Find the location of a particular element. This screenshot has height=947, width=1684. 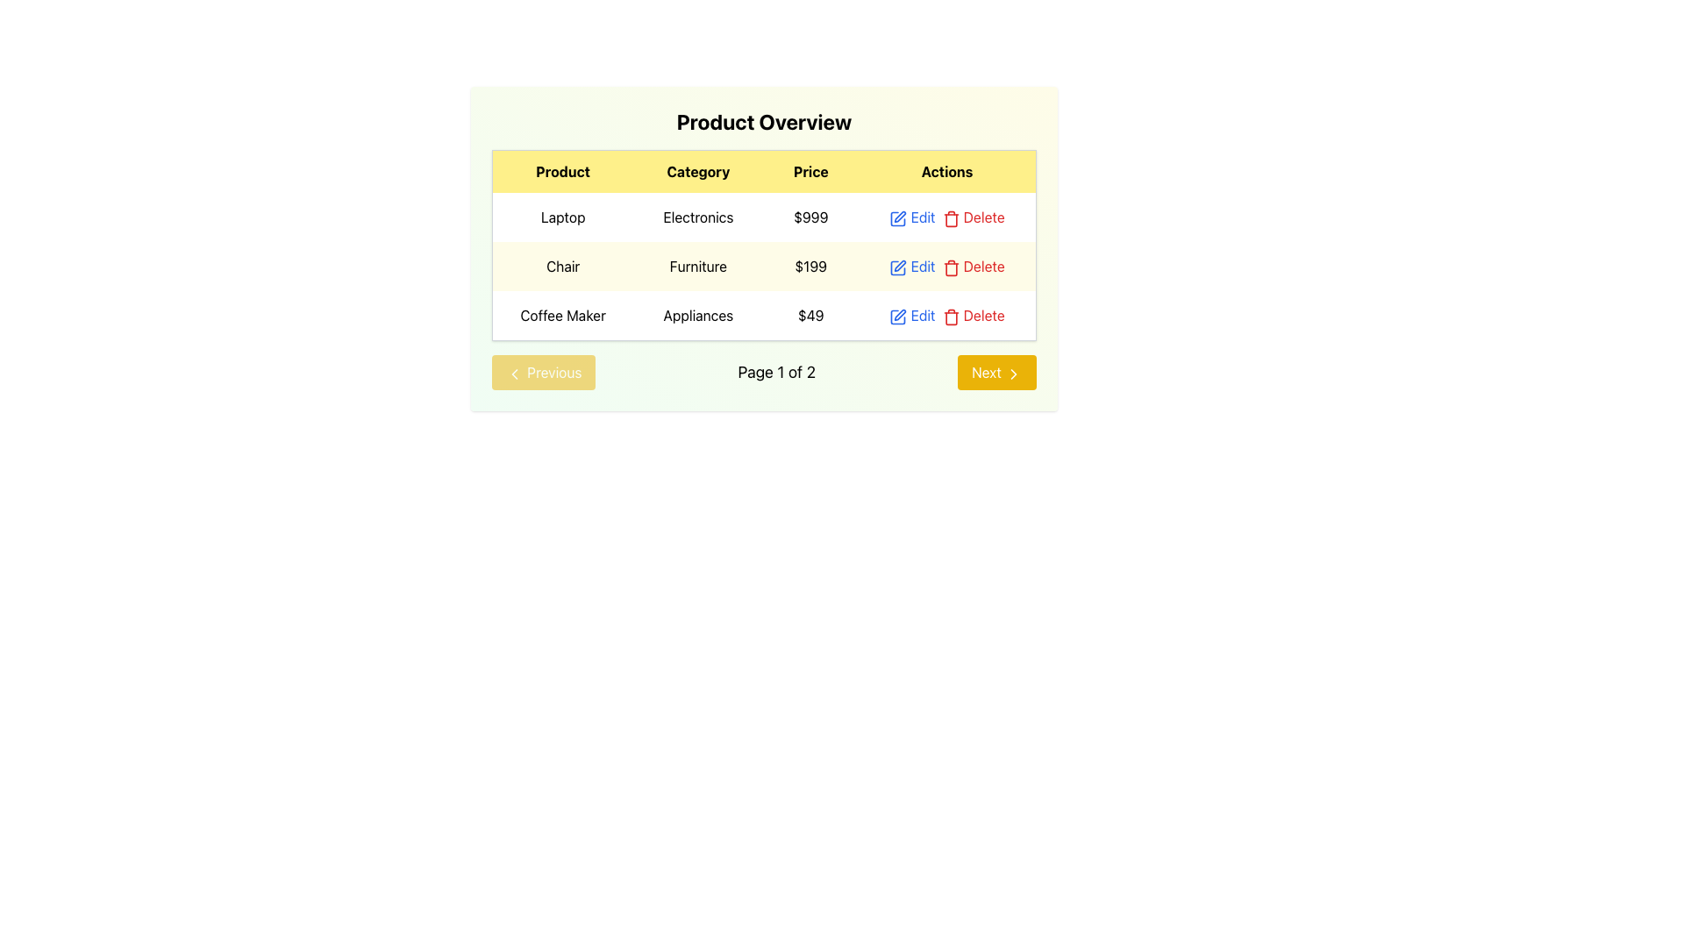

the delete icon located in the 'Actions' column of the last row in the table is located at coordinates (950, 317).